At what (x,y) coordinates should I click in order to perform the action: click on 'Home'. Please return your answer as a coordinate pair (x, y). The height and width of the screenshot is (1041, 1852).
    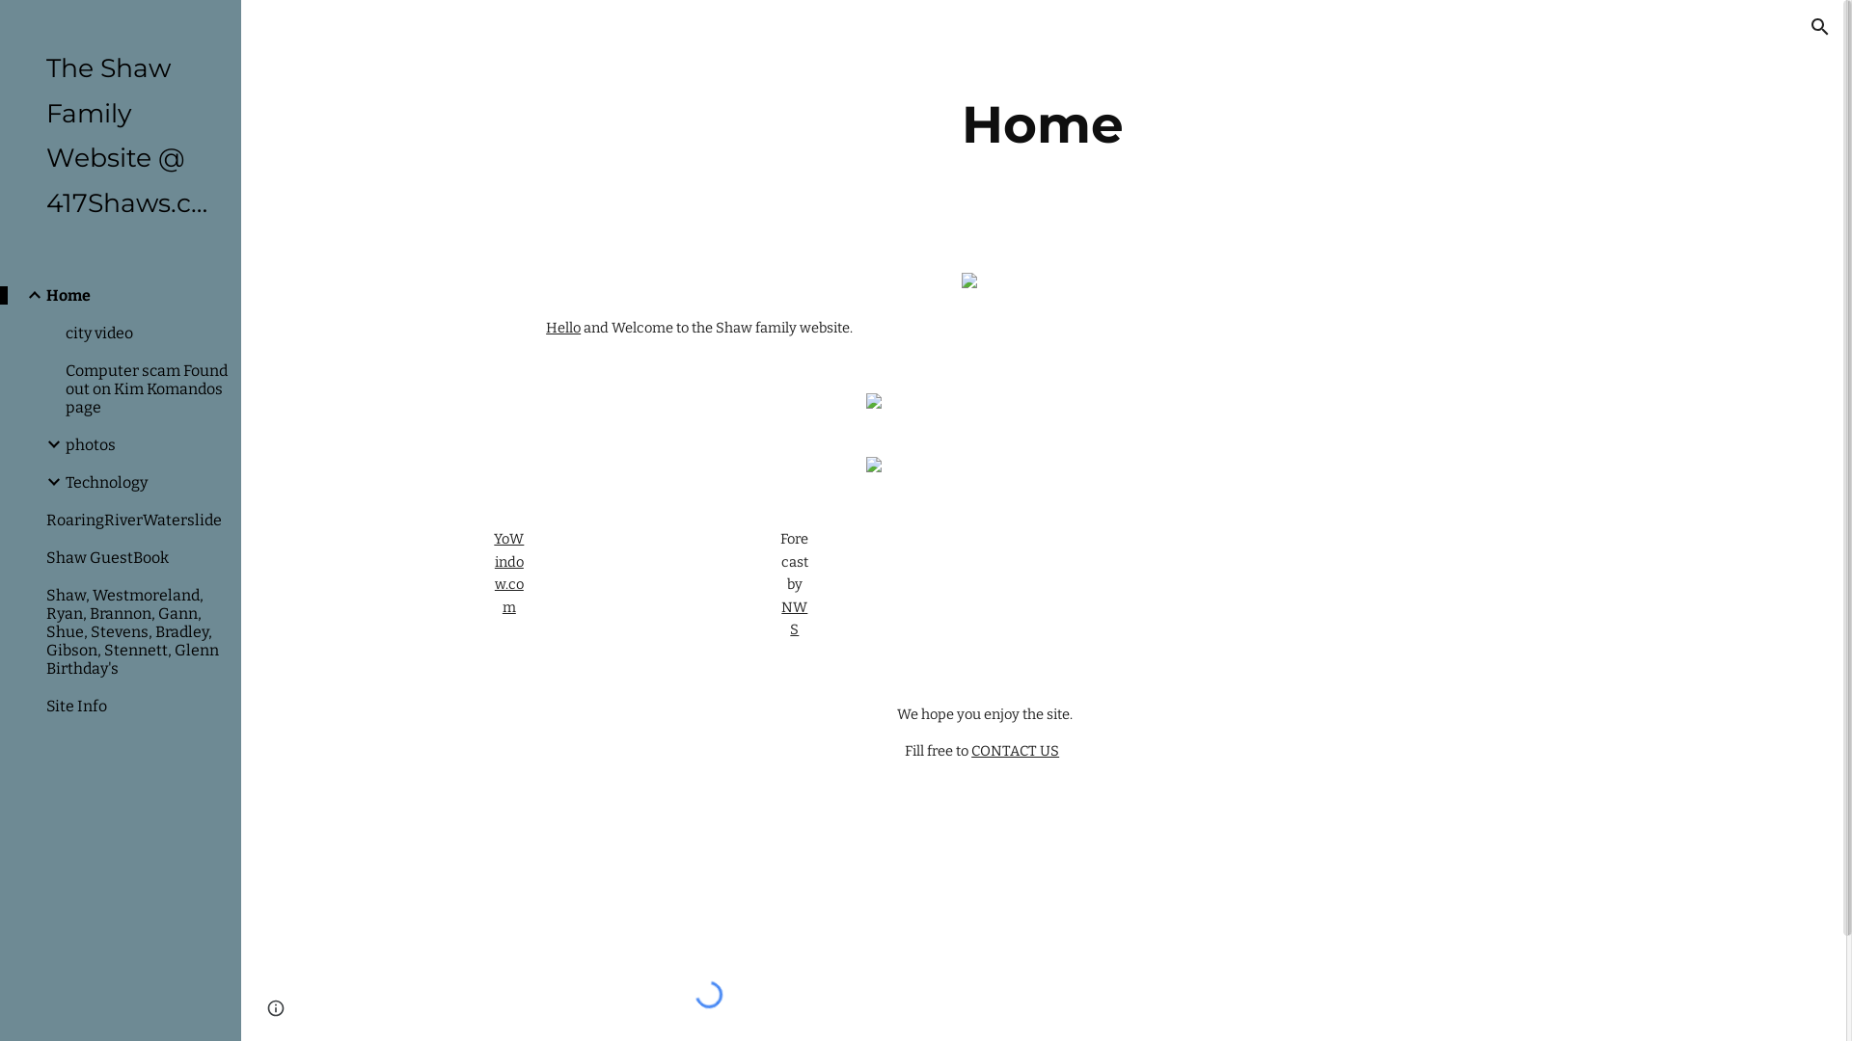
    Looking at the image, I should click on (134, 295).